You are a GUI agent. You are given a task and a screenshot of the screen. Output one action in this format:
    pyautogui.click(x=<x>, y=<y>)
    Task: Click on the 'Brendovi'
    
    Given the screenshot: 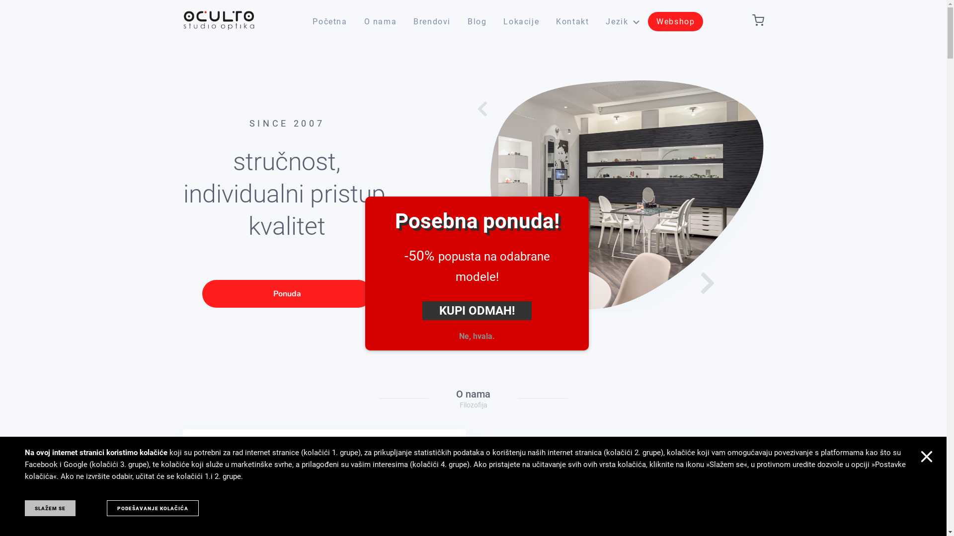 What is the action you would take?
    pyautogui.click(x=432, y=21)
    